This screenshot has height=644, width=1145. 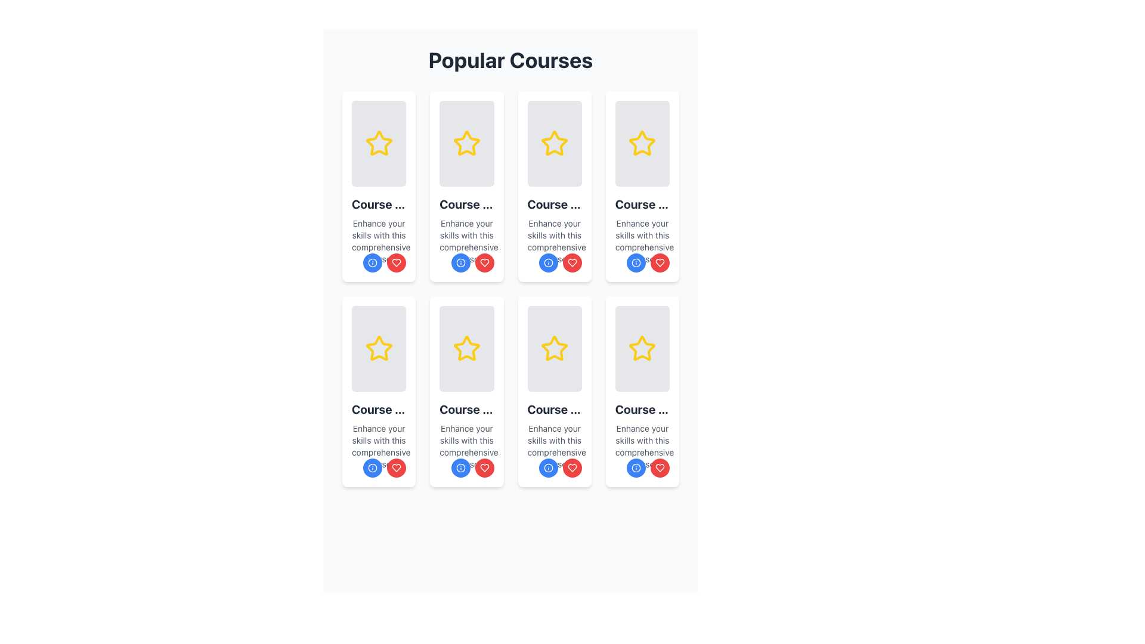 What do you see at coordinates (466, 241) in the screenshot?
I see `the text element that reads 'Enhance your skills with this comprehensive course' styled with a smaller font size and gray color, located in the second card from the left in the first row of course listings` at bounding box center [466, 241].